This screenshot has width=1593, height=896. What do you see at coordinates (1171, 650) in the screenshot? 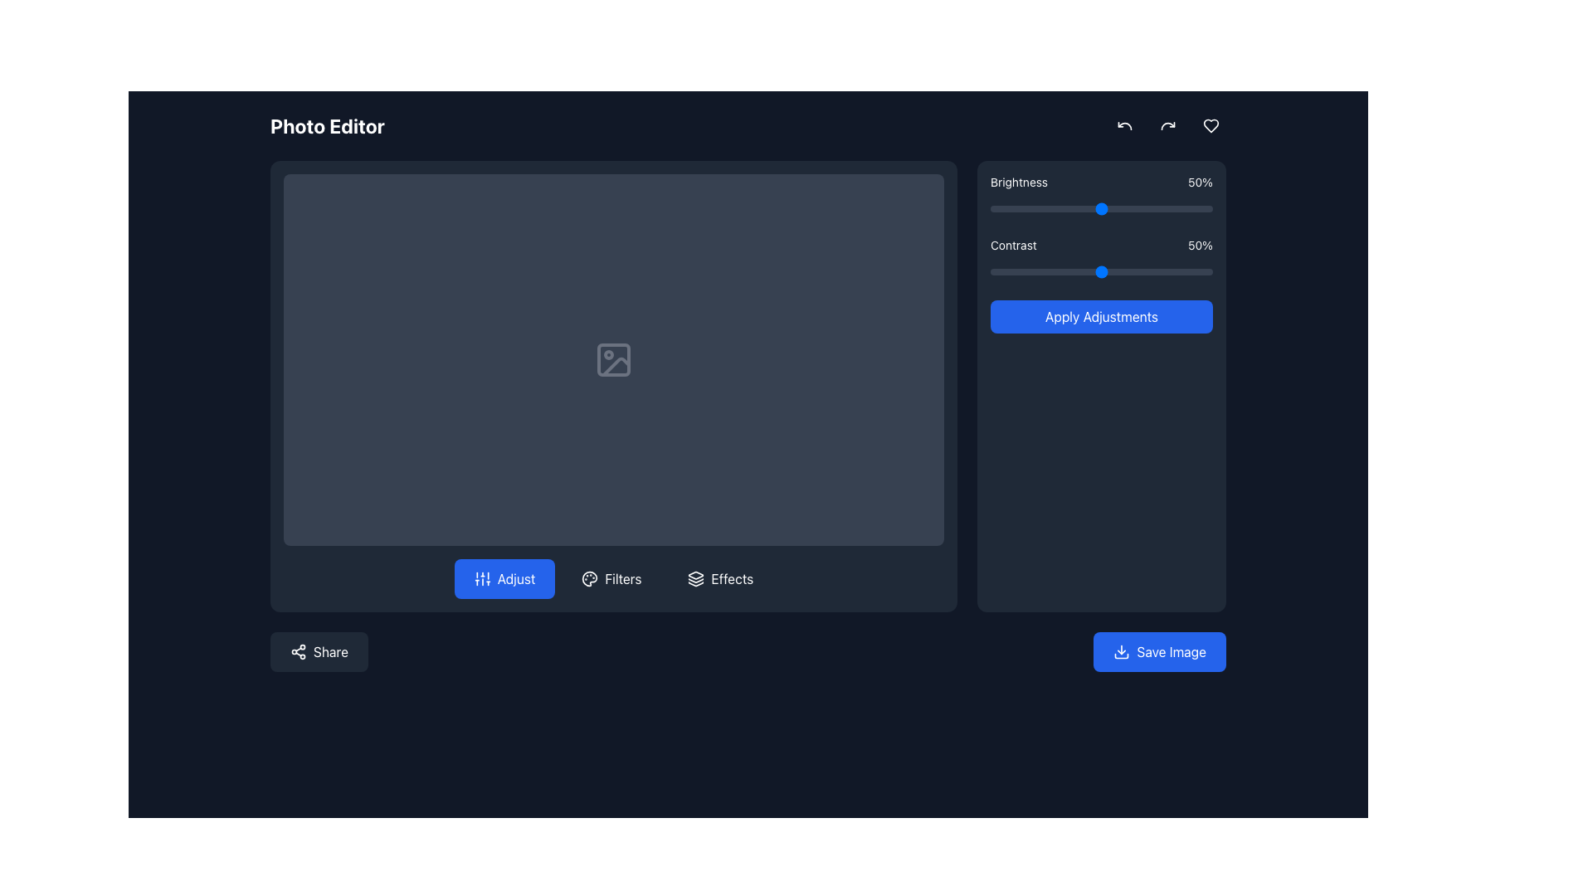
I see `the 'Save Image' text label on the bright blue button located at the bottom-right corner of the interface` at bounding box center [1171, 650].